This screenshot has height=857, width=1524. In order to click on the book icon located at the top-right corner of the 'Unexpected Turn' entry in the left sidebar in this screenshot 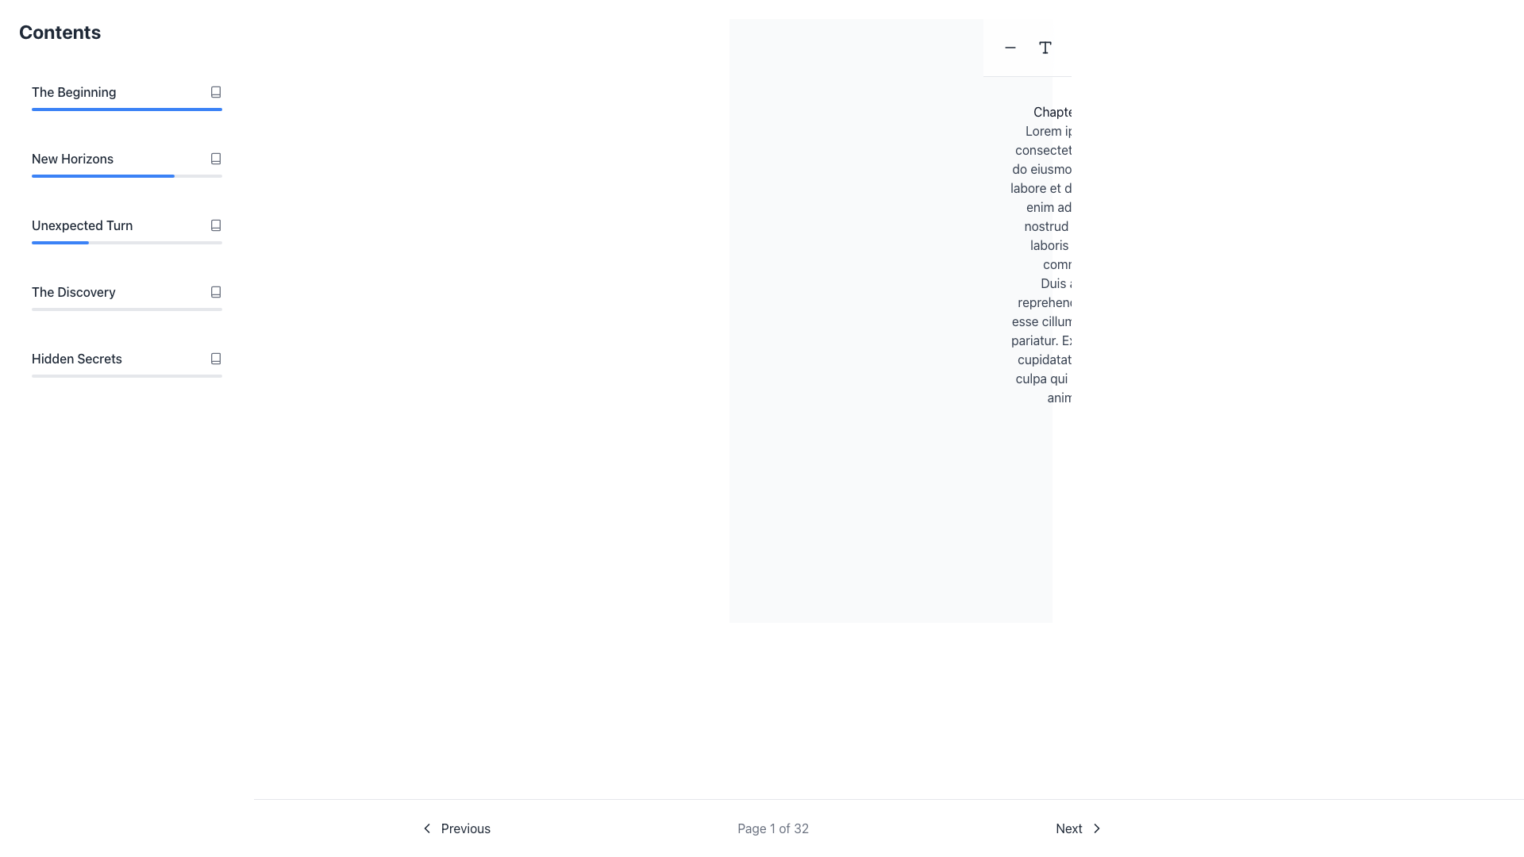, I will do `click(215, 225)`.